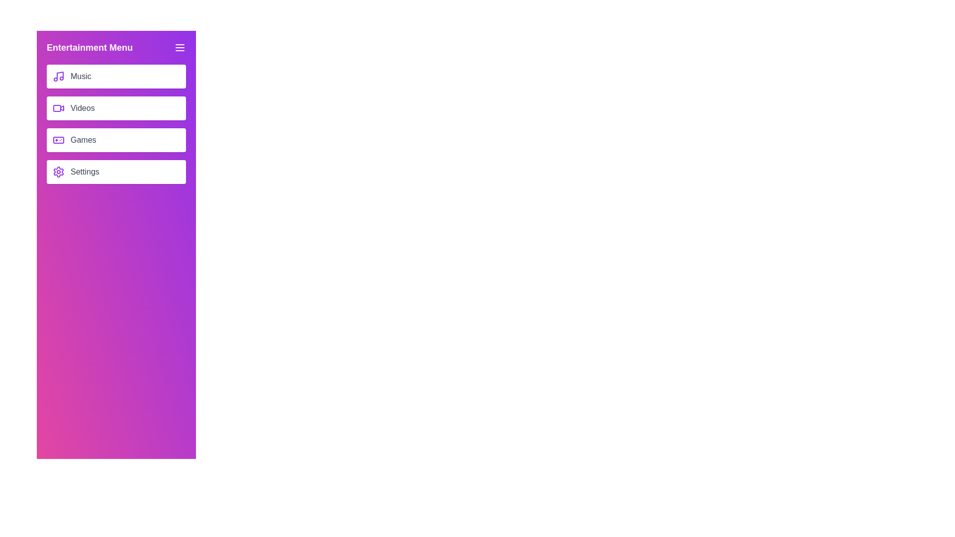 The image size is (955, 537). What do you see at coordinates (116, 172) in the screenshot?
I see `the 'Settings' button to select it` at bounding box center [116, 172].